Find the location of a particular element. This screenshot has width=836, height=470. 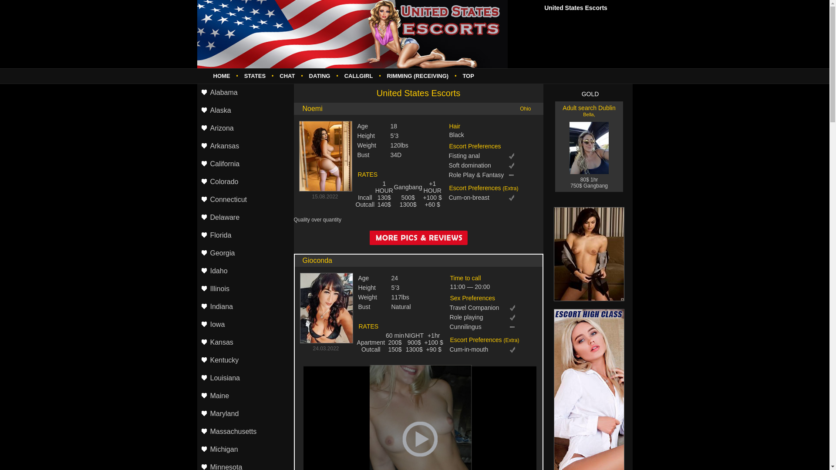

'Arkansas' is located at coordinates (196, 146).